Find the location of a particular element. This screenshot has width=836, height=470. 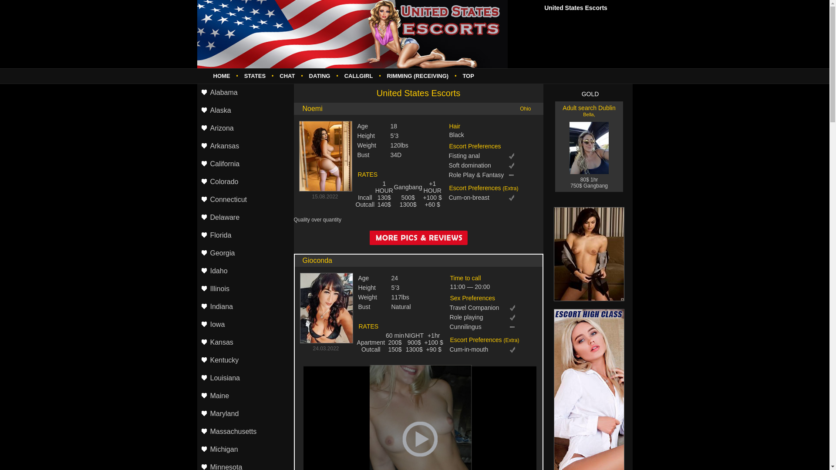

'Arkansas' is located at coordinates (196, 146).